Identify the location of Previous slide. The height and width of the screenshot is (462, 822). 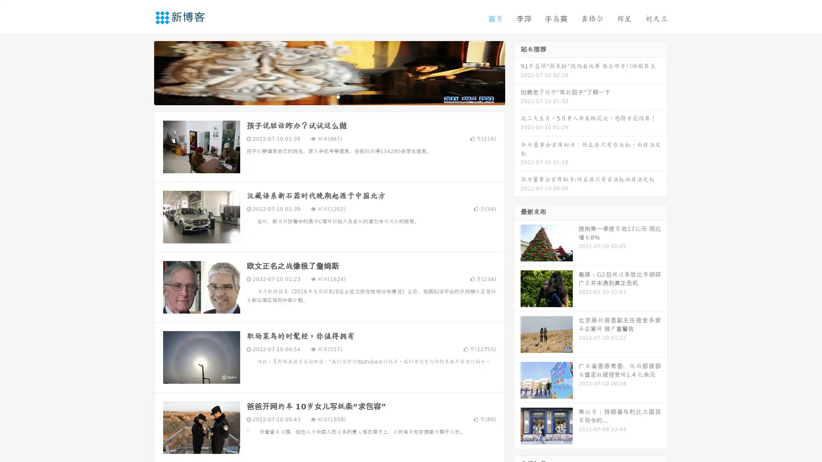
(141, 72).